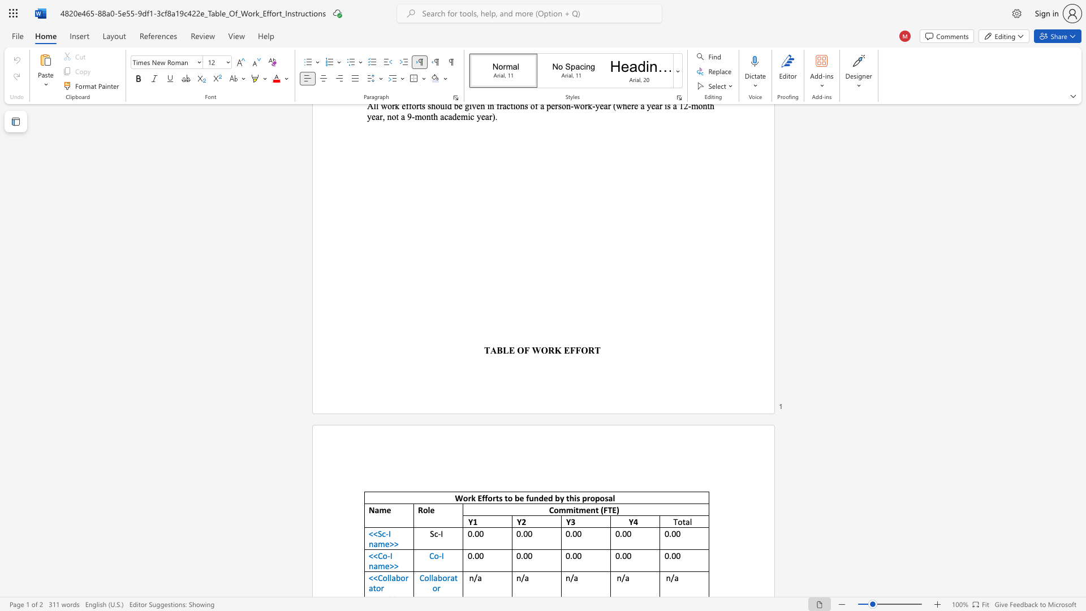 The width and height of the screenshot is (1086, 611). Describe the element at coordinates (585, 510) in the screenshot. I see `the space between the continuous character "m" and "e" in the text` at that location.